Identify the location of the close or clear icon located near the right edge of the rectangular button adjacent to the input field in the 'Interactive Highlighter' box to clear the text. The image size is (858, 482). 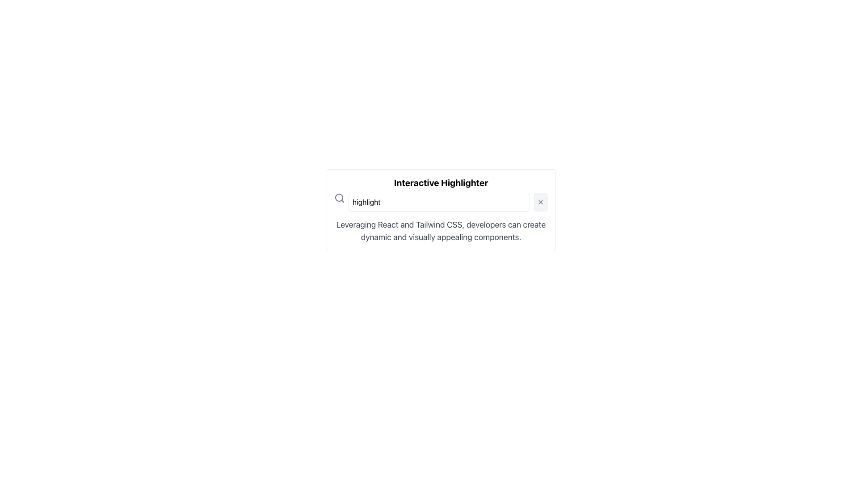
(540, 202).